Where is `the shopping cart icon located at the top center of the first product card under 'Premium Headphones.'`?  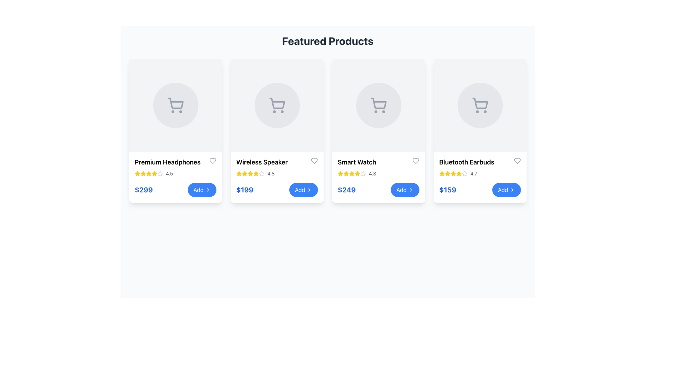
the shopping cart icon located at the top center of the first product card under 'Premium Headphones.' is located at coordinates (175, 103).